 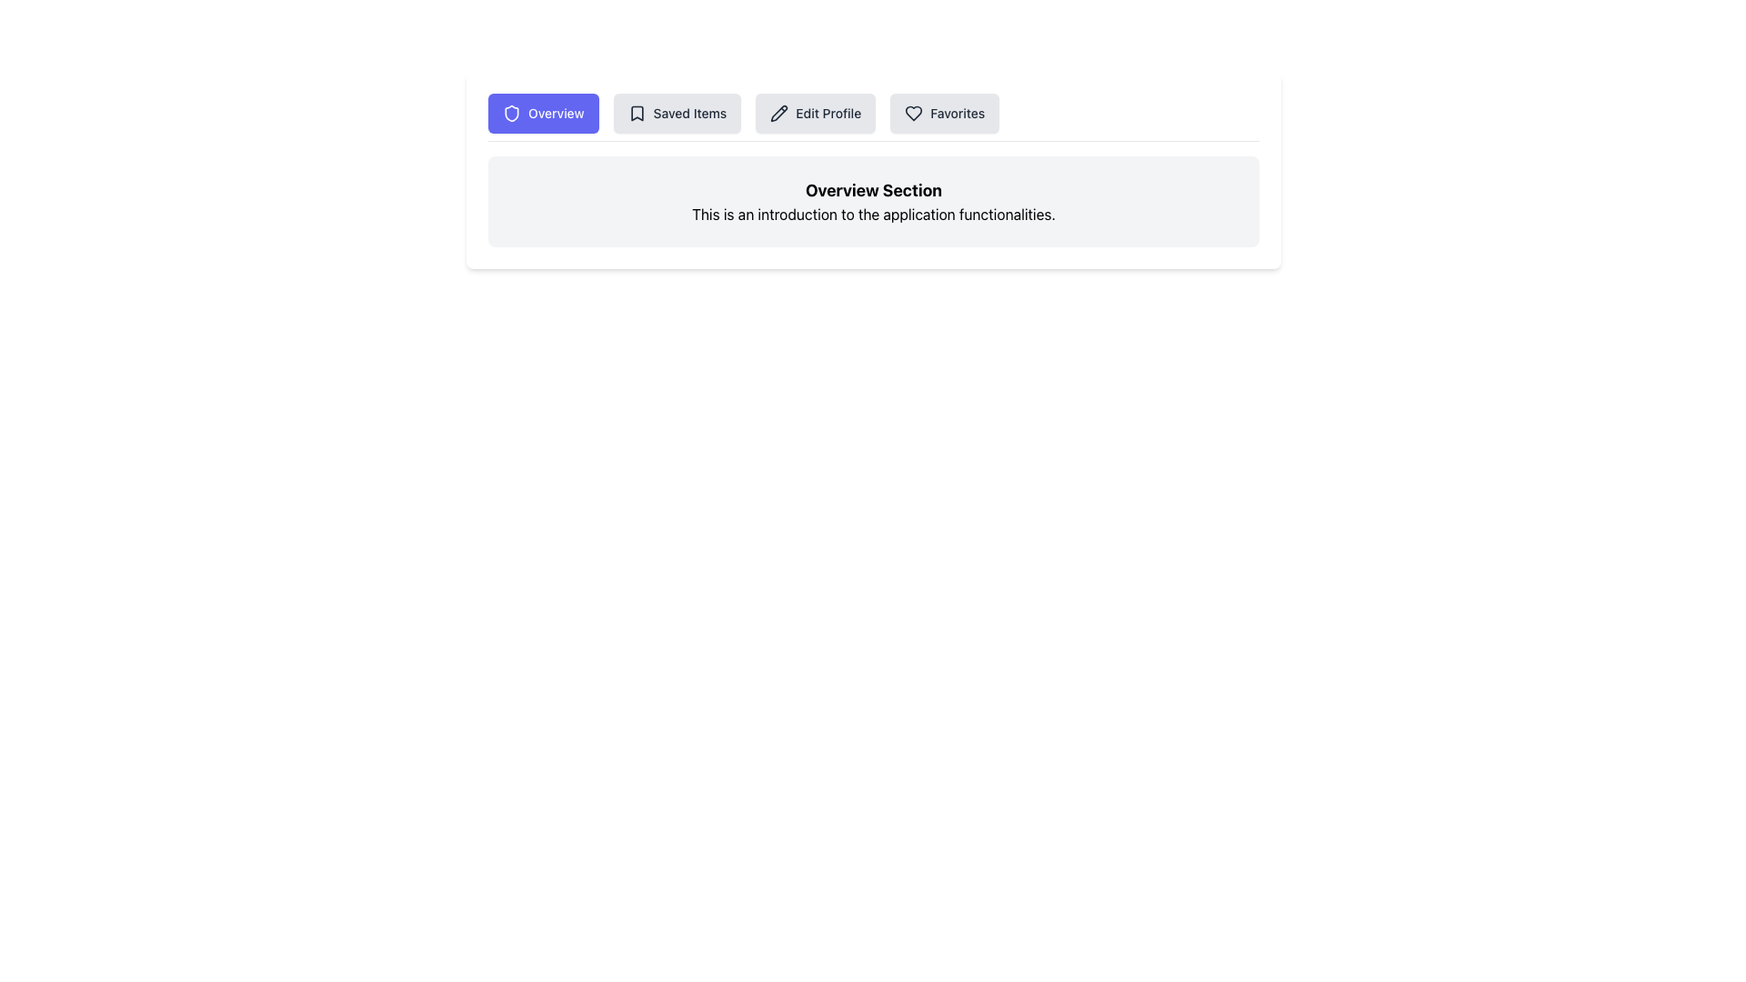 I want to click on the icon located immediately to the left of the text 'Saved Items' in the top navigation bar, which visually enriches the 'Saved Items' button, so click(x=637, y=113).